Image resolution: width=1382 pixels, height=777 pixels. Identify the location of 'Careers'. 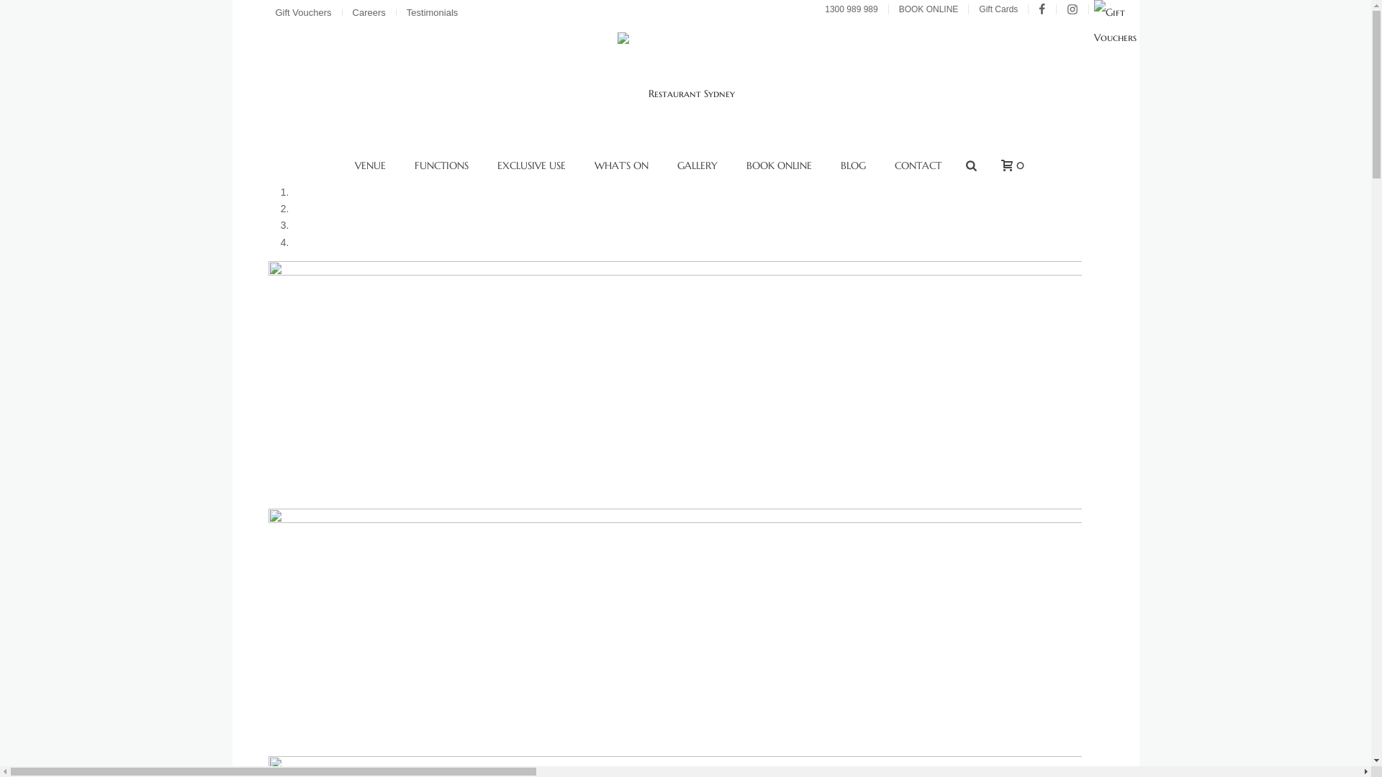
(371, 13).